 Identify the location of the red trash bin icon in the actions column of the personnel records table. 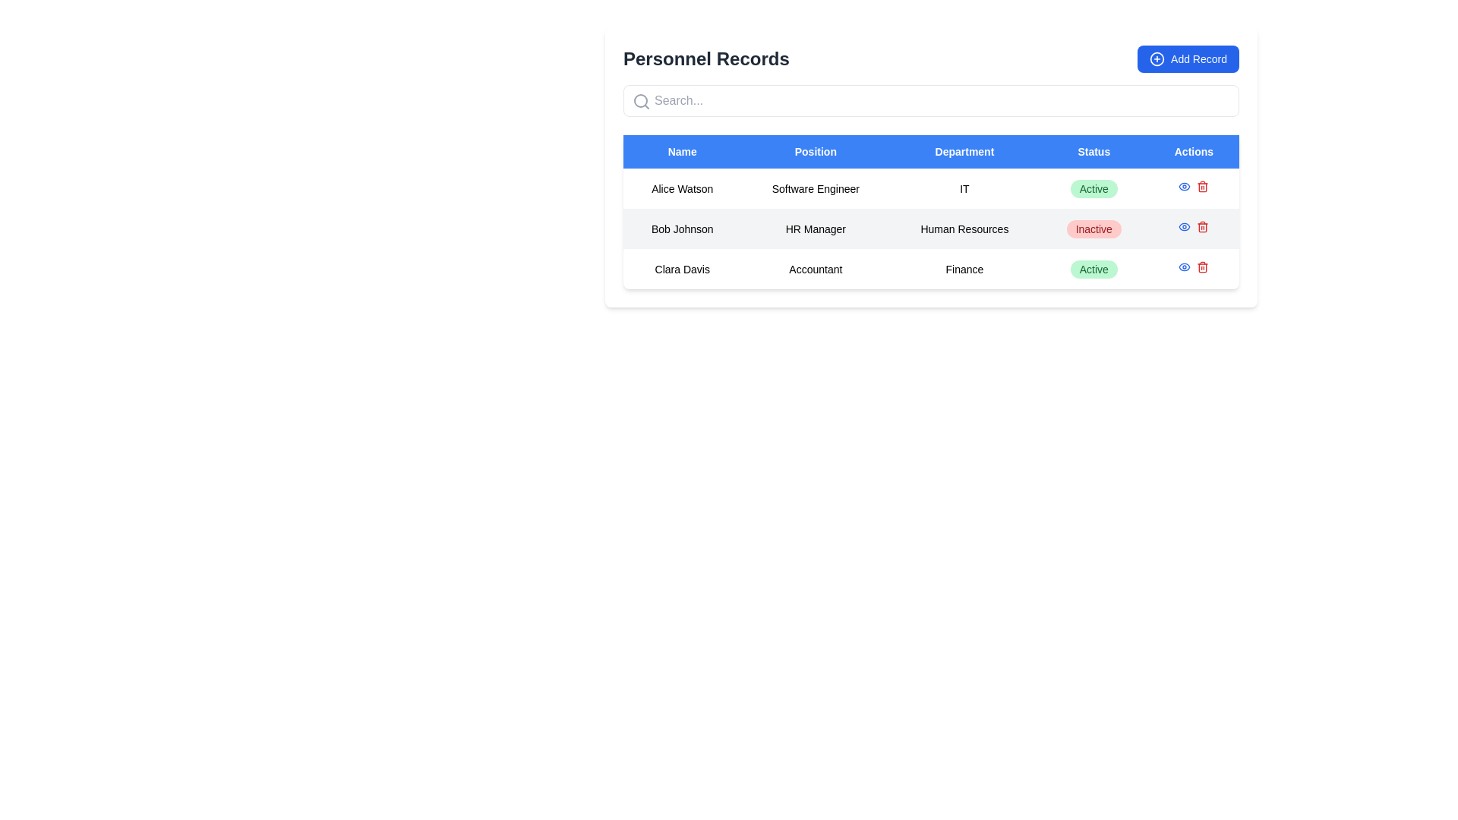
(1202, 227).